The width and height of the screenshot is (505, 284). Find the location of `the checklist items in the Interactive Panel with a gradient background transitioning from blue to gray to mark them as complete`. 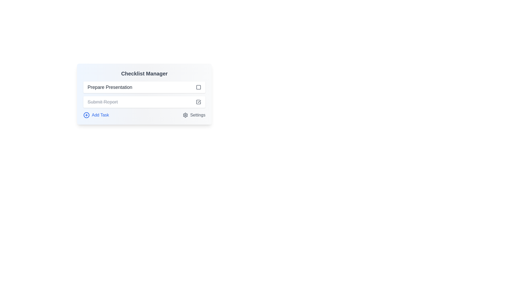

the checklist items in the Interactive Panel with a gradient background transitioning from blue to gray to mark them as complete is located at coordinates (144, 94).